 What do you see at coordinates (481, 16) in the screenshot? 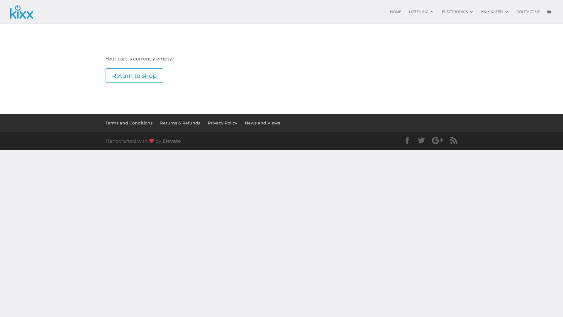
I see `'KIXX KLEEN'` at bounding box center [481, 16].